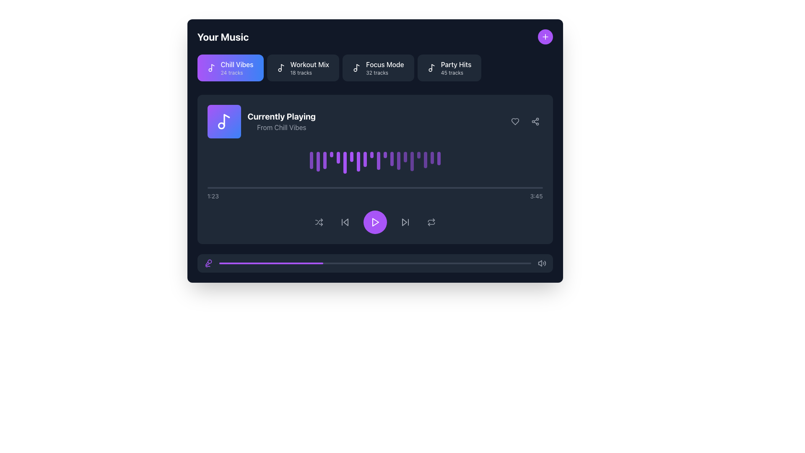 This screenshot has width=805, height=453. I want to click on the previous track button located on the bottom control bar of the music player interface, so click(345, 222).